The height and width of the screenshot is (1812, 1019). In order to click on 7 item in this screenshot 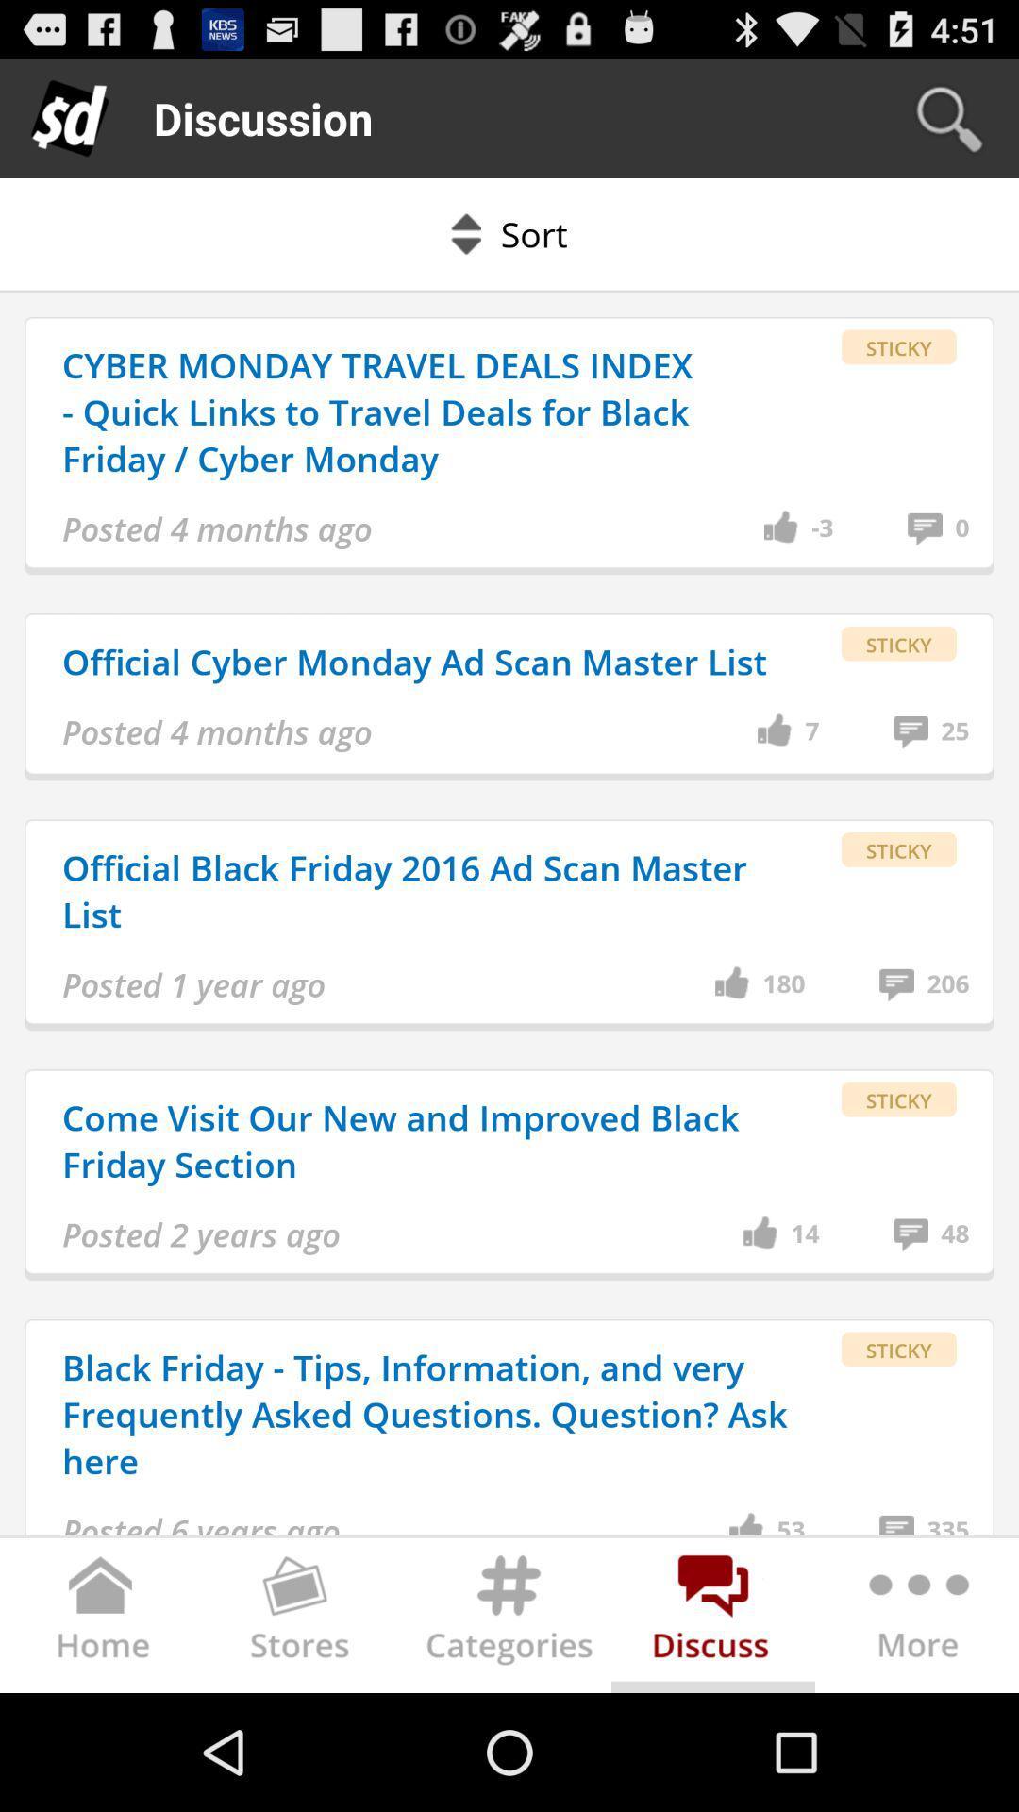, I will do `click(810, 730)`.